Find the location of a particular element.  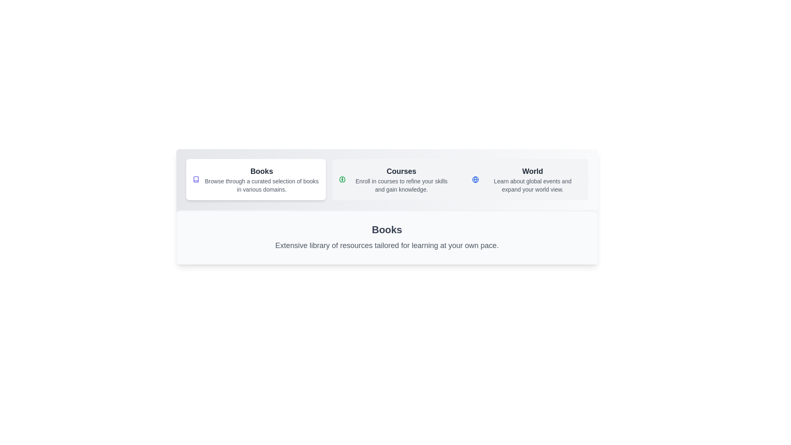

the Courses tab by clicking on its button is located at coordinates (395, 179).